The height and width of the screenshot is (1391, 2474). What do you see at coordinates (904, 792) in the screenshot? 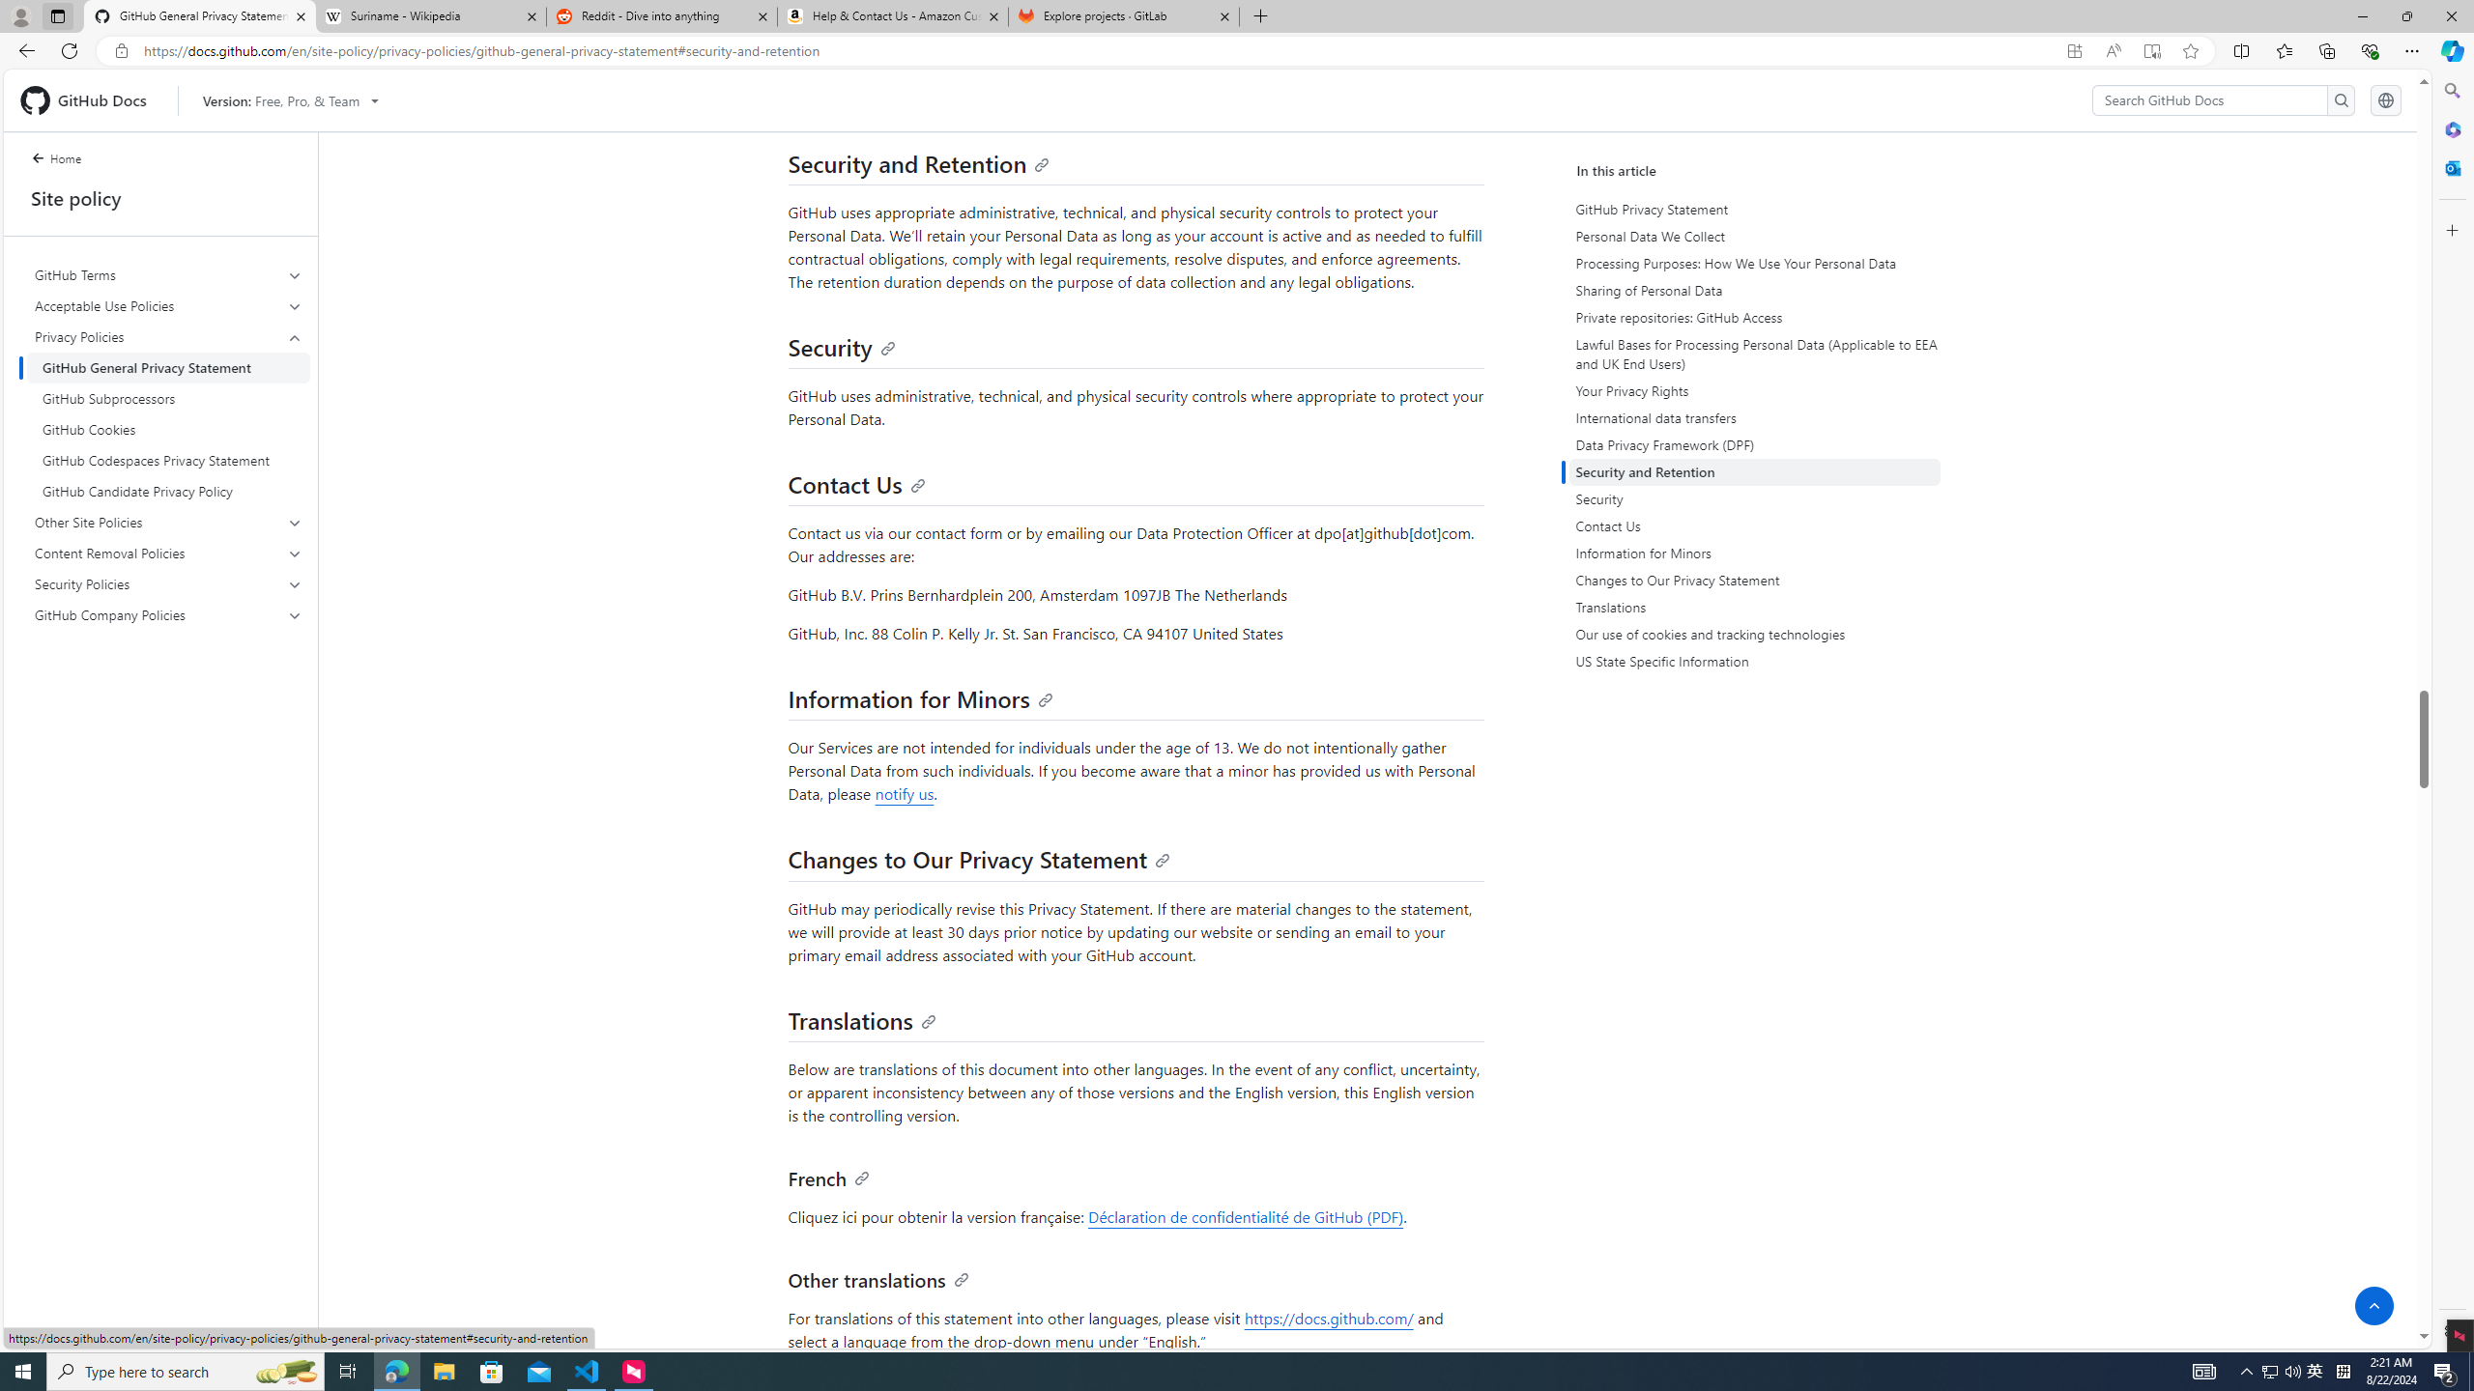
I see `'notify us'` at bounding box center [904, 792].